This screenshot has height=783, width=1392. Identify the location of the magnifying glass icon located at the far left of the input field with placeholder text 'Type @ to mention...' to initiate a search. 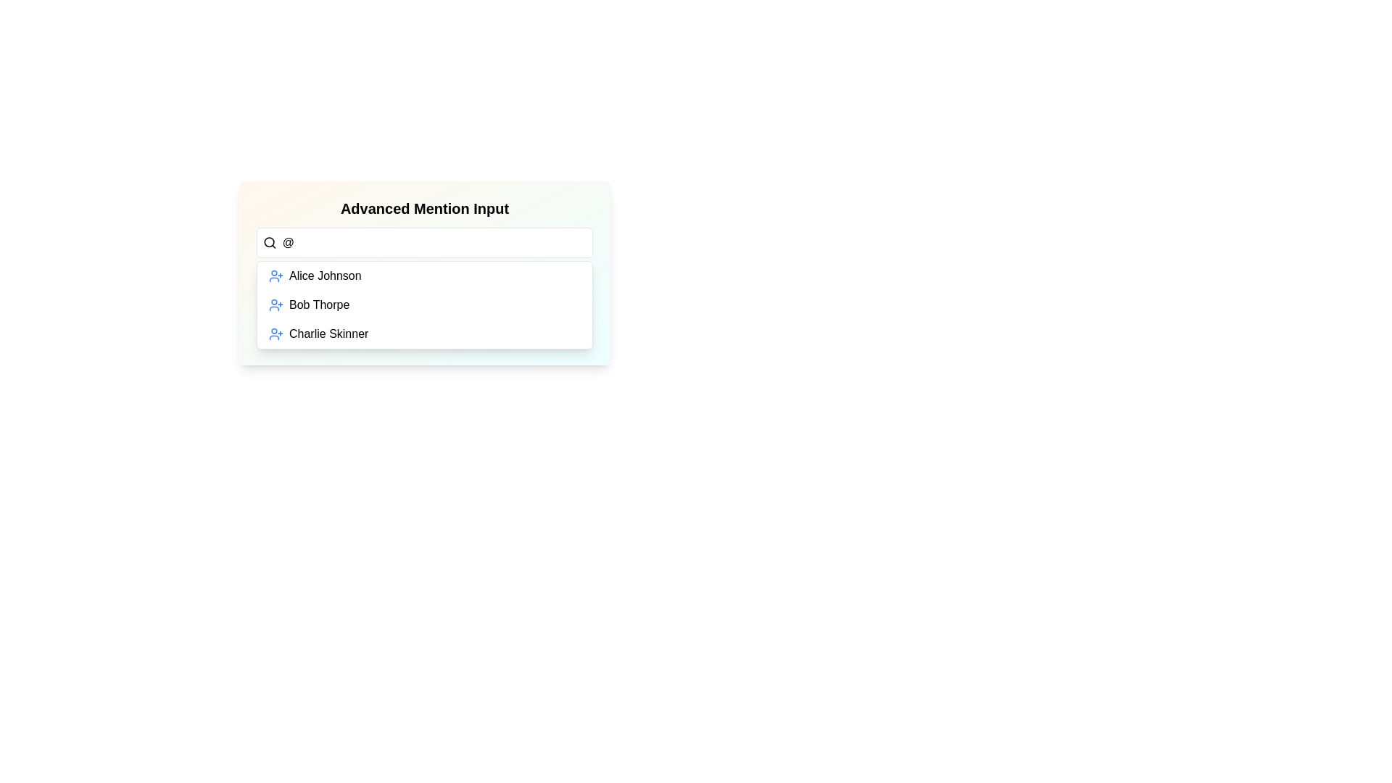
(270, 242).